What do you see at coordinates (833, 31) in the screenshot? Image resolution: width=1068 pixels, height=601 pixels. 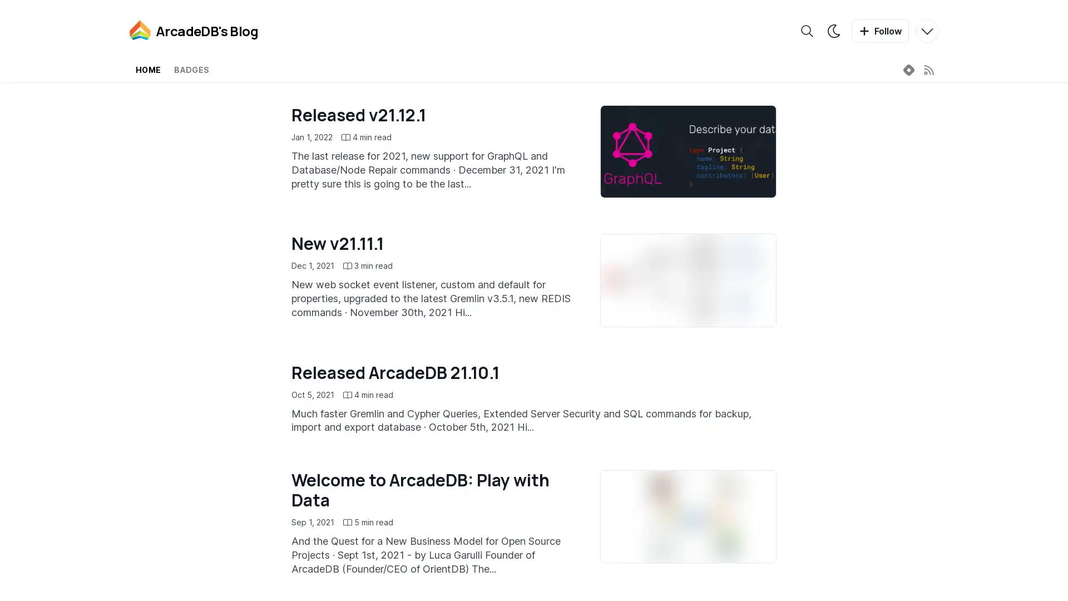 I see `Theme switcher` at bounding box center [833, 31].